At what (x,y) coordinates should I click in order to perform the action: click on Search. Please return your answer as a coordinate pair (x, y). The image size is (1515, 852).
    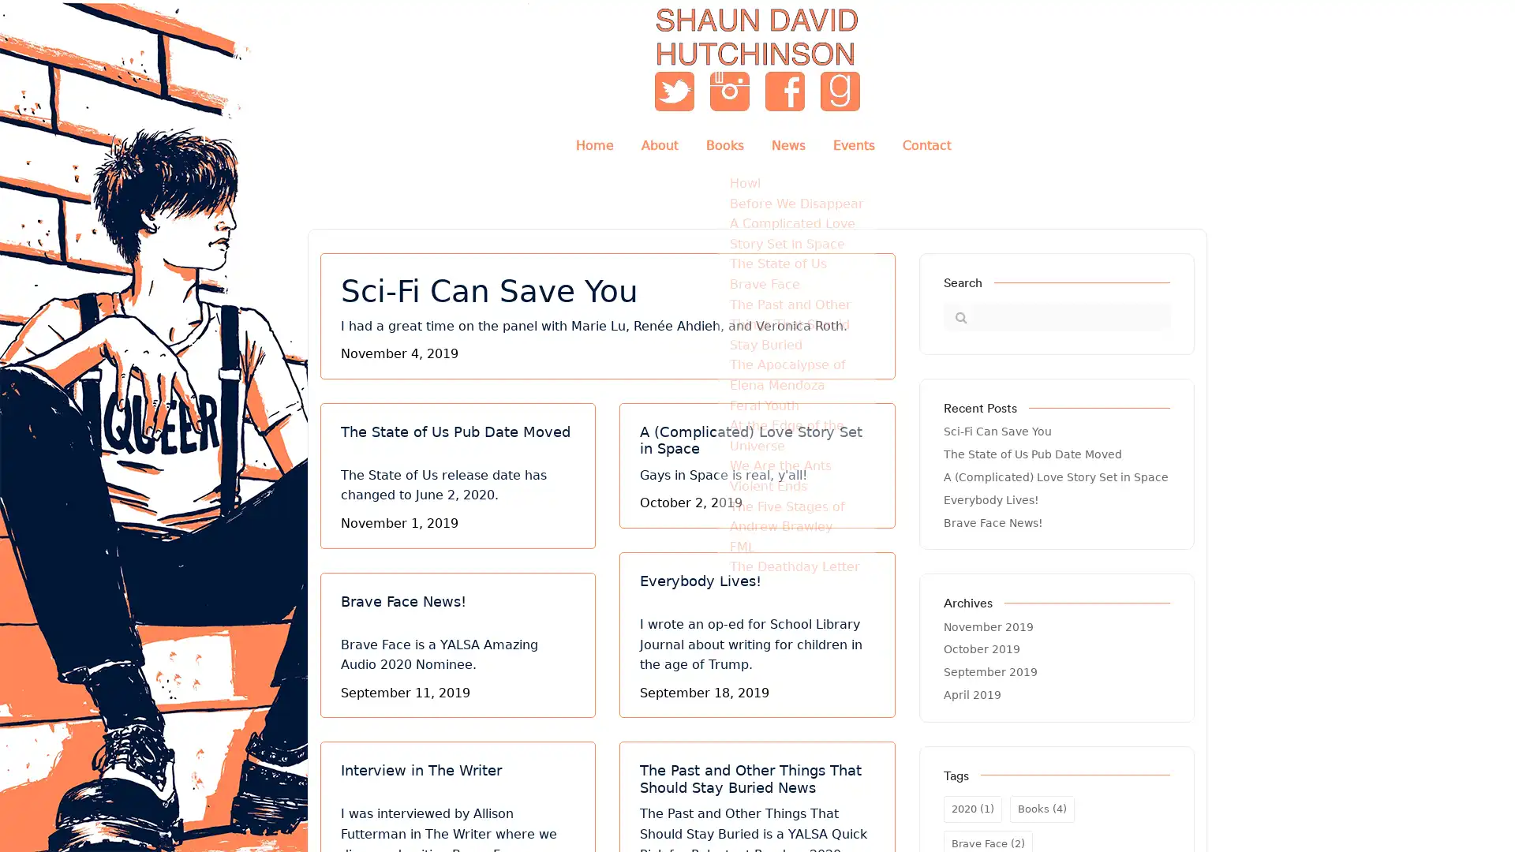
    Looking at the image, I should click on (956, 316).